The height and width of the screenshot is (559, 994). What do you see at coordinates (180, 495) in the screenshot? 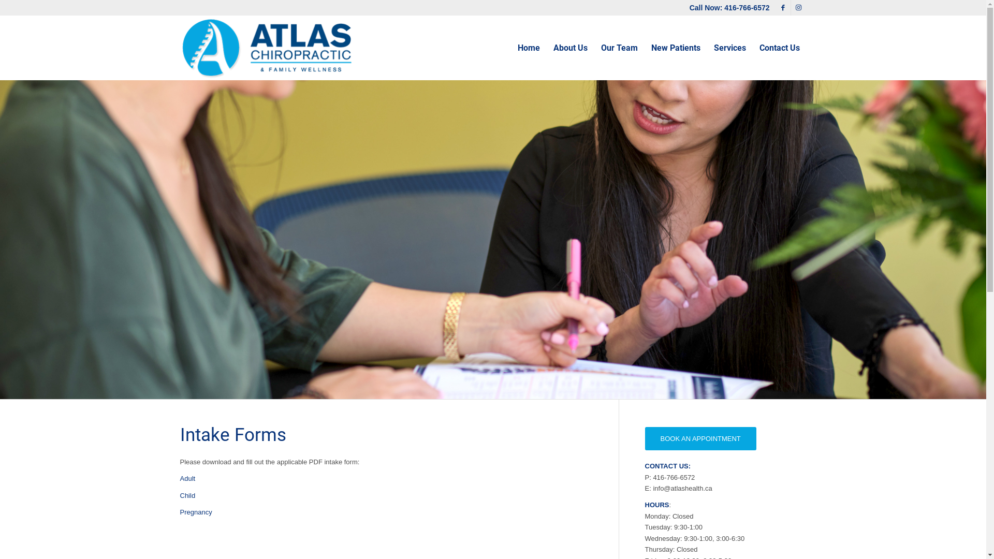
I see `'Child'` at bounding box center [180, 495].